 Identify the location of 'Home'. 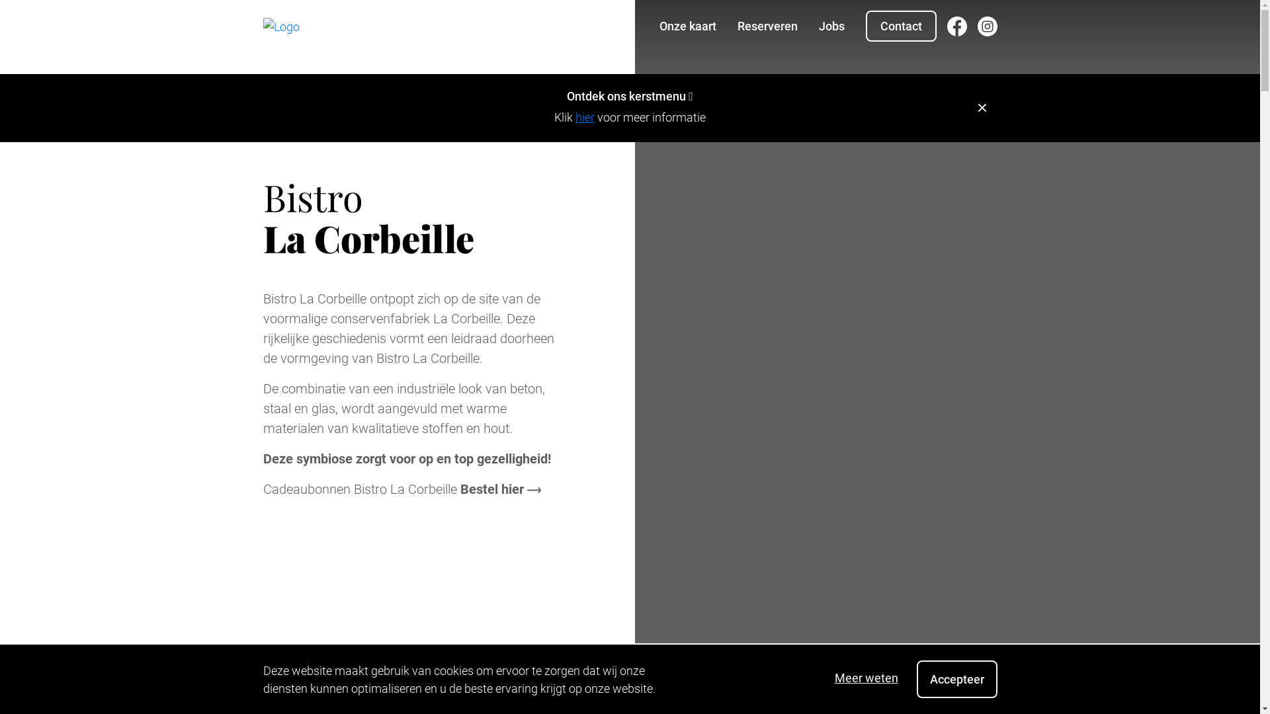
(280, 26).